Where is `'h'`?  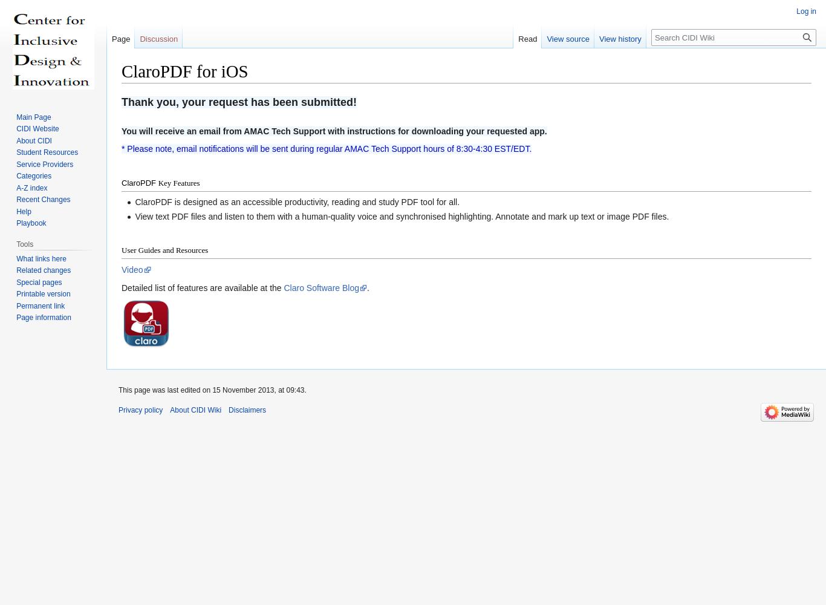
'h' is located at coordinates (128, 102).